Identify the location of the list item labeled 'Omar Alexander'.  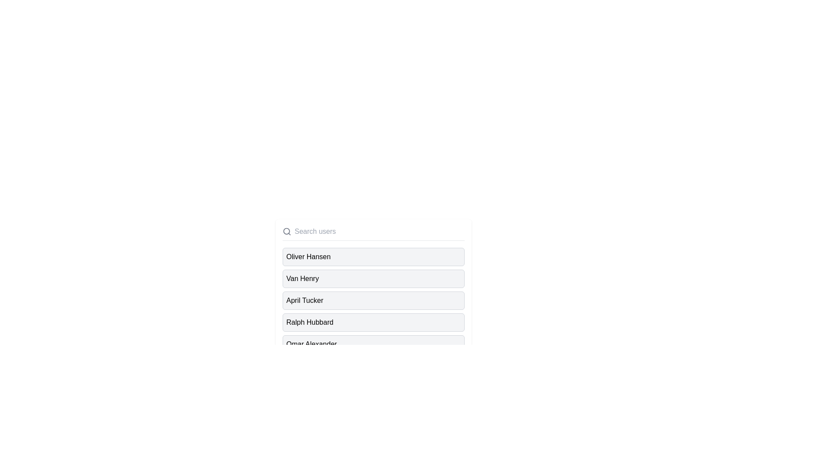
(373, 344).